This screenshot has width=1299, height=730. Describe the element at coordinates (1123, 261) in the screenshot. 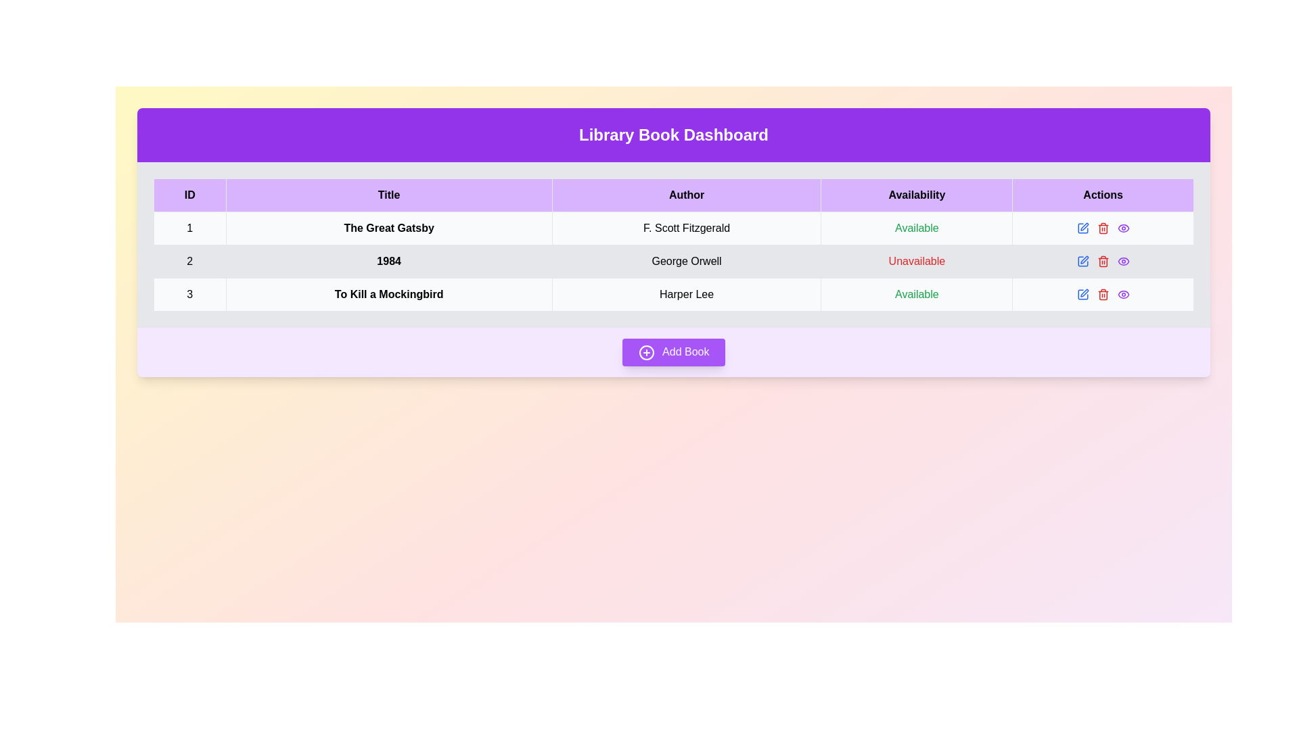

I see `the purple eye icon in the Actions column for the book '1984' by George Orwell` at that location.